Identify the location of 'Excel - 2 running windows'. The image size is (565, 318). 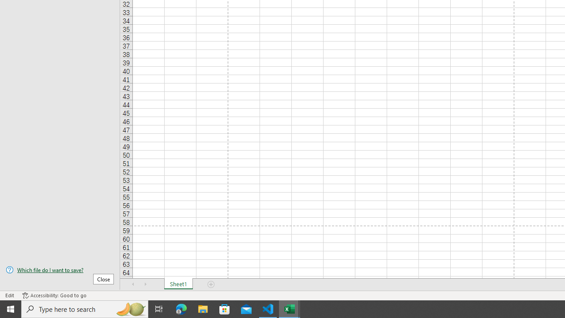
(290, 308).